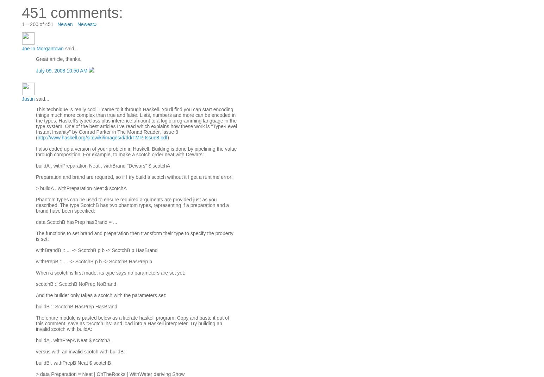  Describe the element at coordinates (58, 59) in the screenshot. I see `'Great article, thanks.'` at that location.